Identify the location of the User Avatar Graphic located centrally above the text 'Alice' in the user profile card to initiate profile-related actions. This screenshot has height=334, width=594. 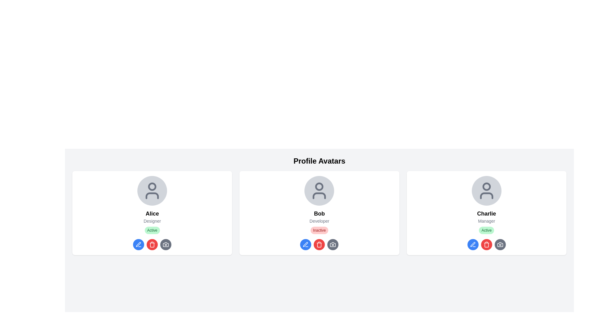
(152, 191).